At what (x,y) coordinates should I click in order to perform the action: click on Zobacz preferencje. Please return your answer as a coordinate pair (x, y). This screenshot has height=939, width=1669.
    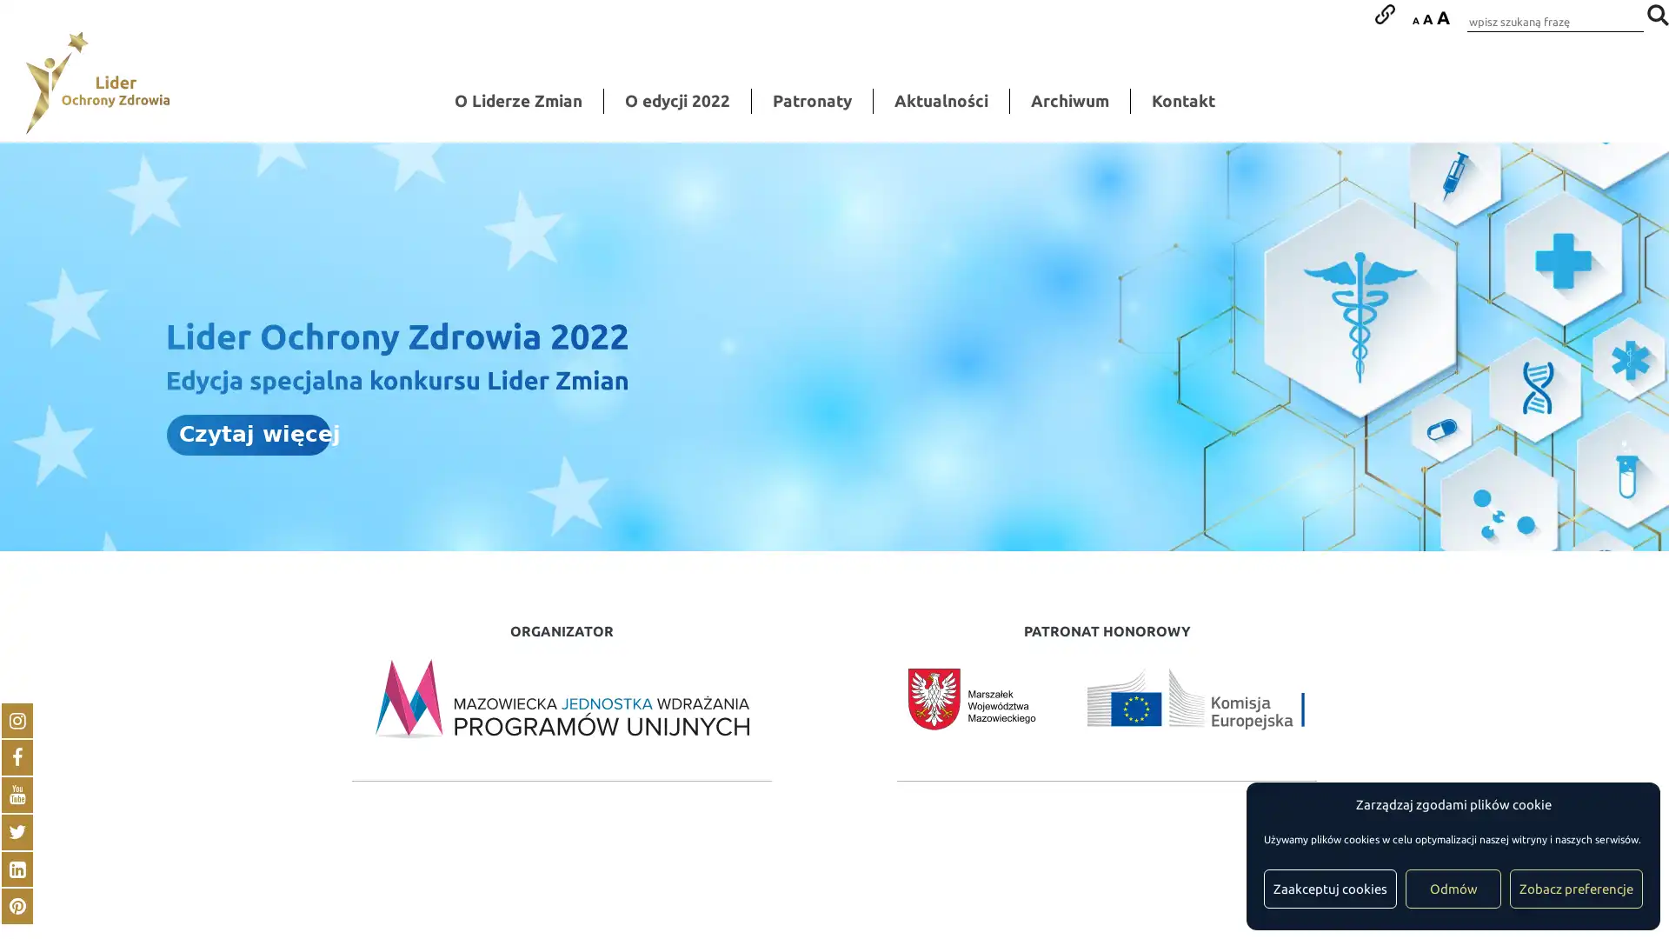
    Looking at the image, I should click on (1576, 889).